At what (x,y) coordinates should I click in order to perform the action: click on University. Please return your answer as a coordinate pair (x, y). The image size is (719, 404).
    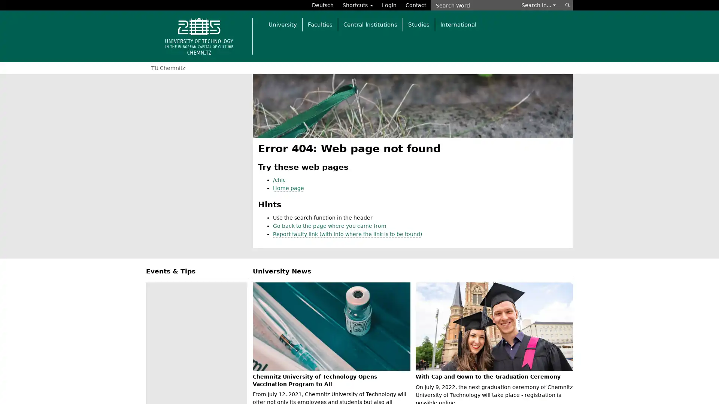
    Looking at the image, I should click on (282, 24).